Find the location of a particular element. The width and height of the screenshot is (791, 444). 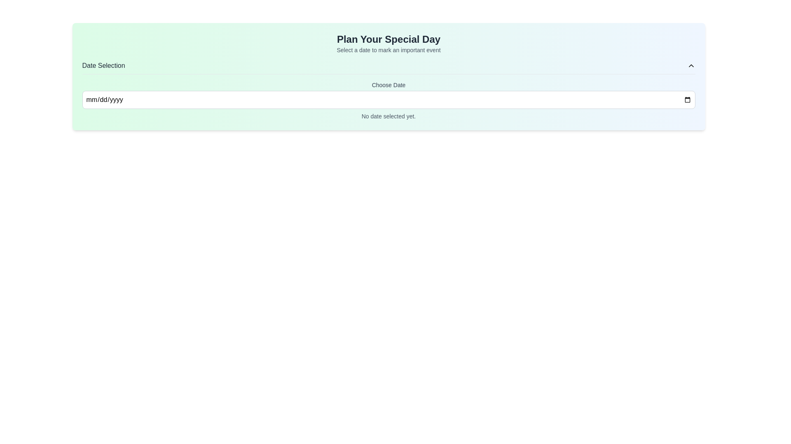

the interactive control button located on the far-right side of the 'Date Selection' header is located at coordinates (691, 65).